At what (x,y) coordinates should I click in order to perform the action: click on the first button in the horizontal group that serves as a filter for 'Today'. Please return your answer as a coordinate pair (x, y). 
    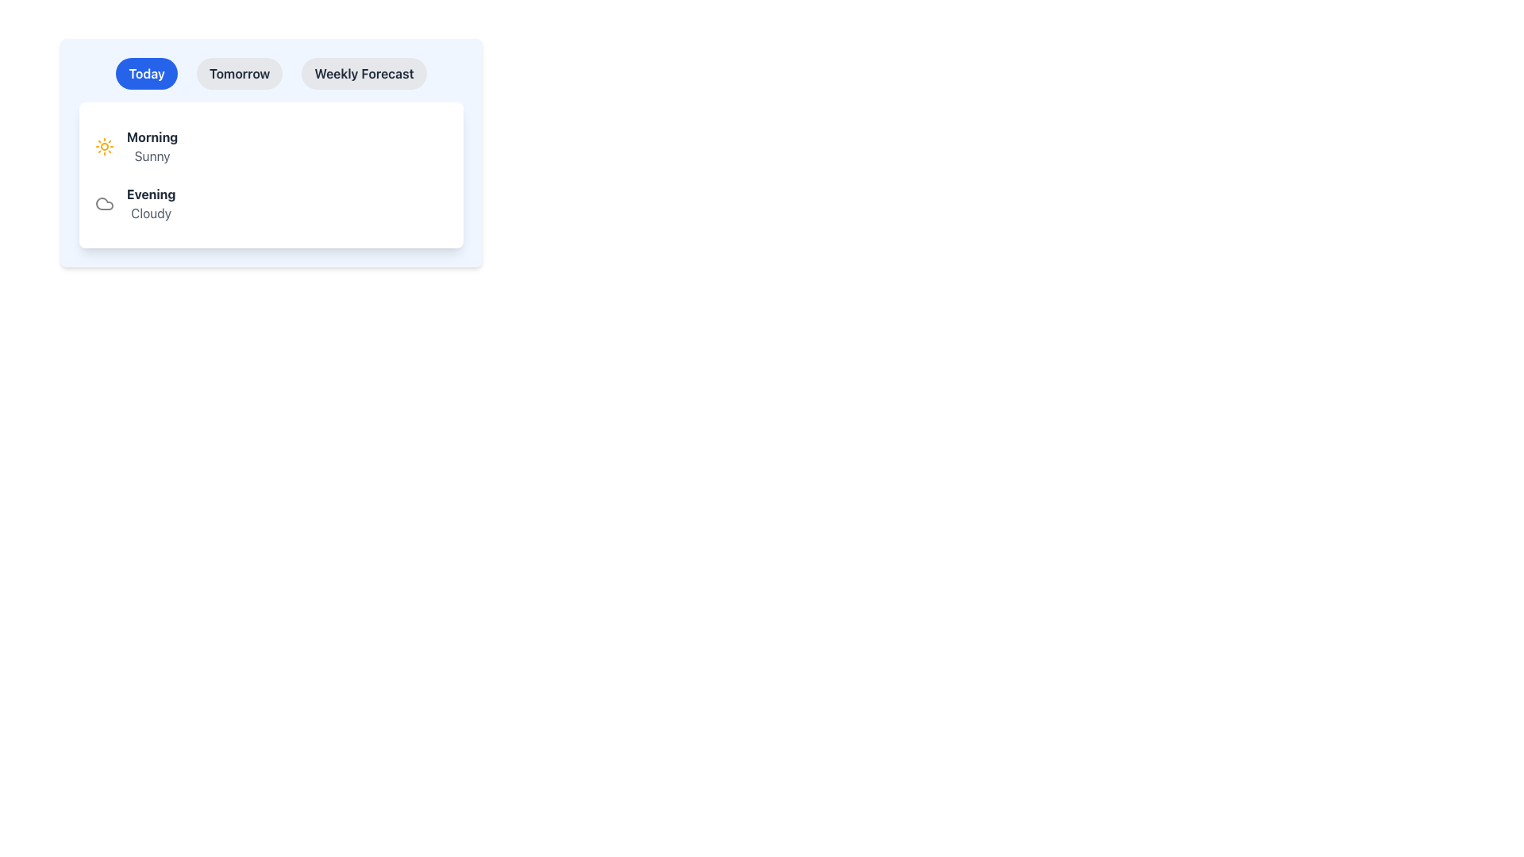
    Looking at the image, I should click on (147, 73).